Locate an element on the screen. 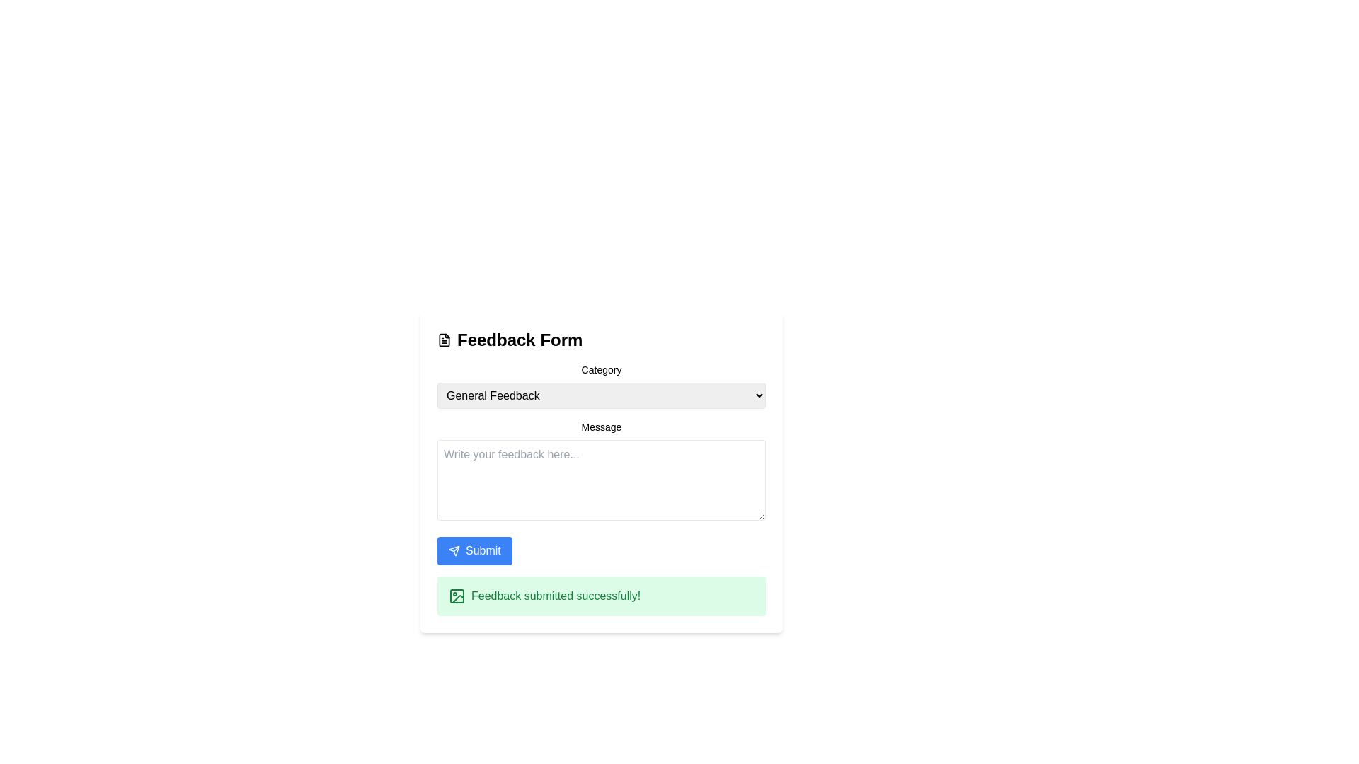  the icon styled as a square frame with a circular element and a diagonal line, located inside the green-themed alert box with the message 'Feedback submitted successfully!' is located at coordinates (457, 596).